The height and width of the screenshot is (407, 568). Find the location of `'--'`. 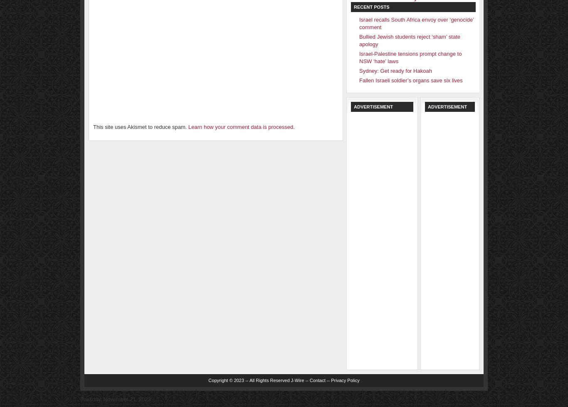

'--' is located at coordinates (328, 380).